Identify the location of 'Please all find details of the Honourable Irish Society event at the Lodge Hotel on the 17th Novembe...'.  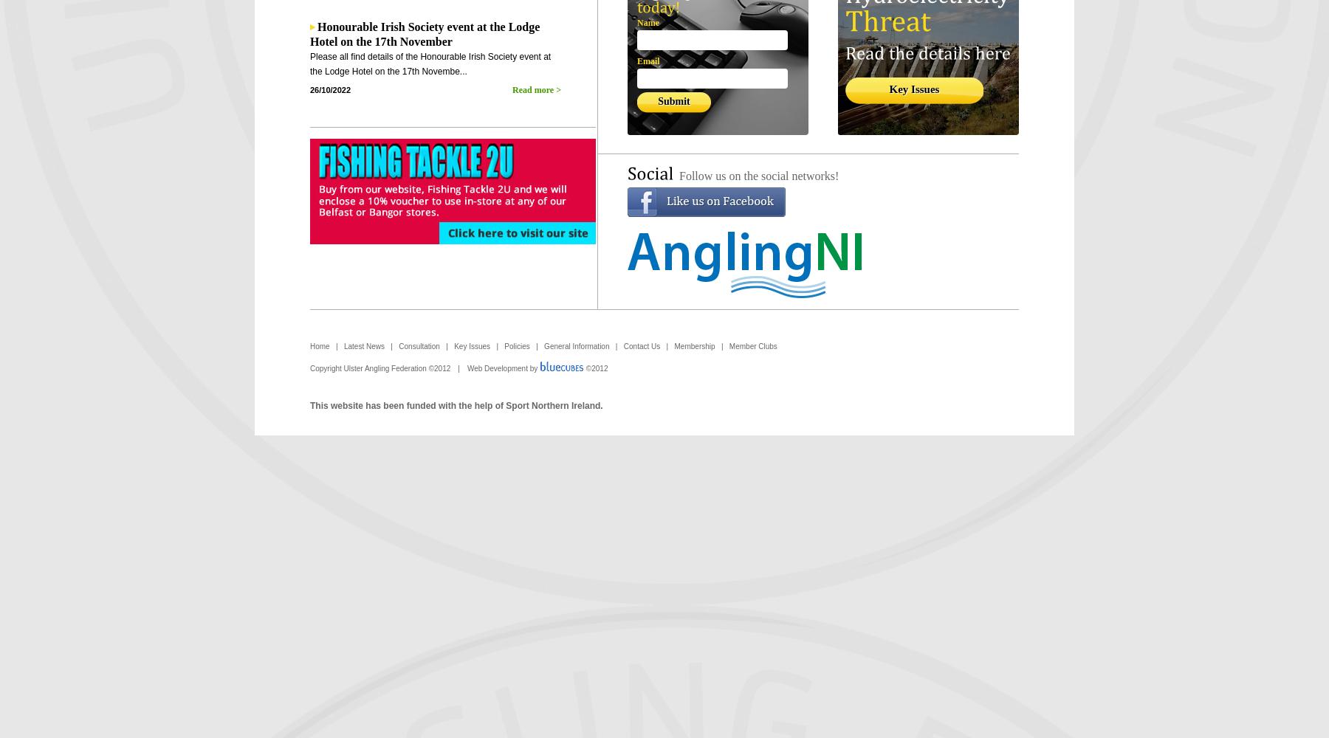
(430, 63).